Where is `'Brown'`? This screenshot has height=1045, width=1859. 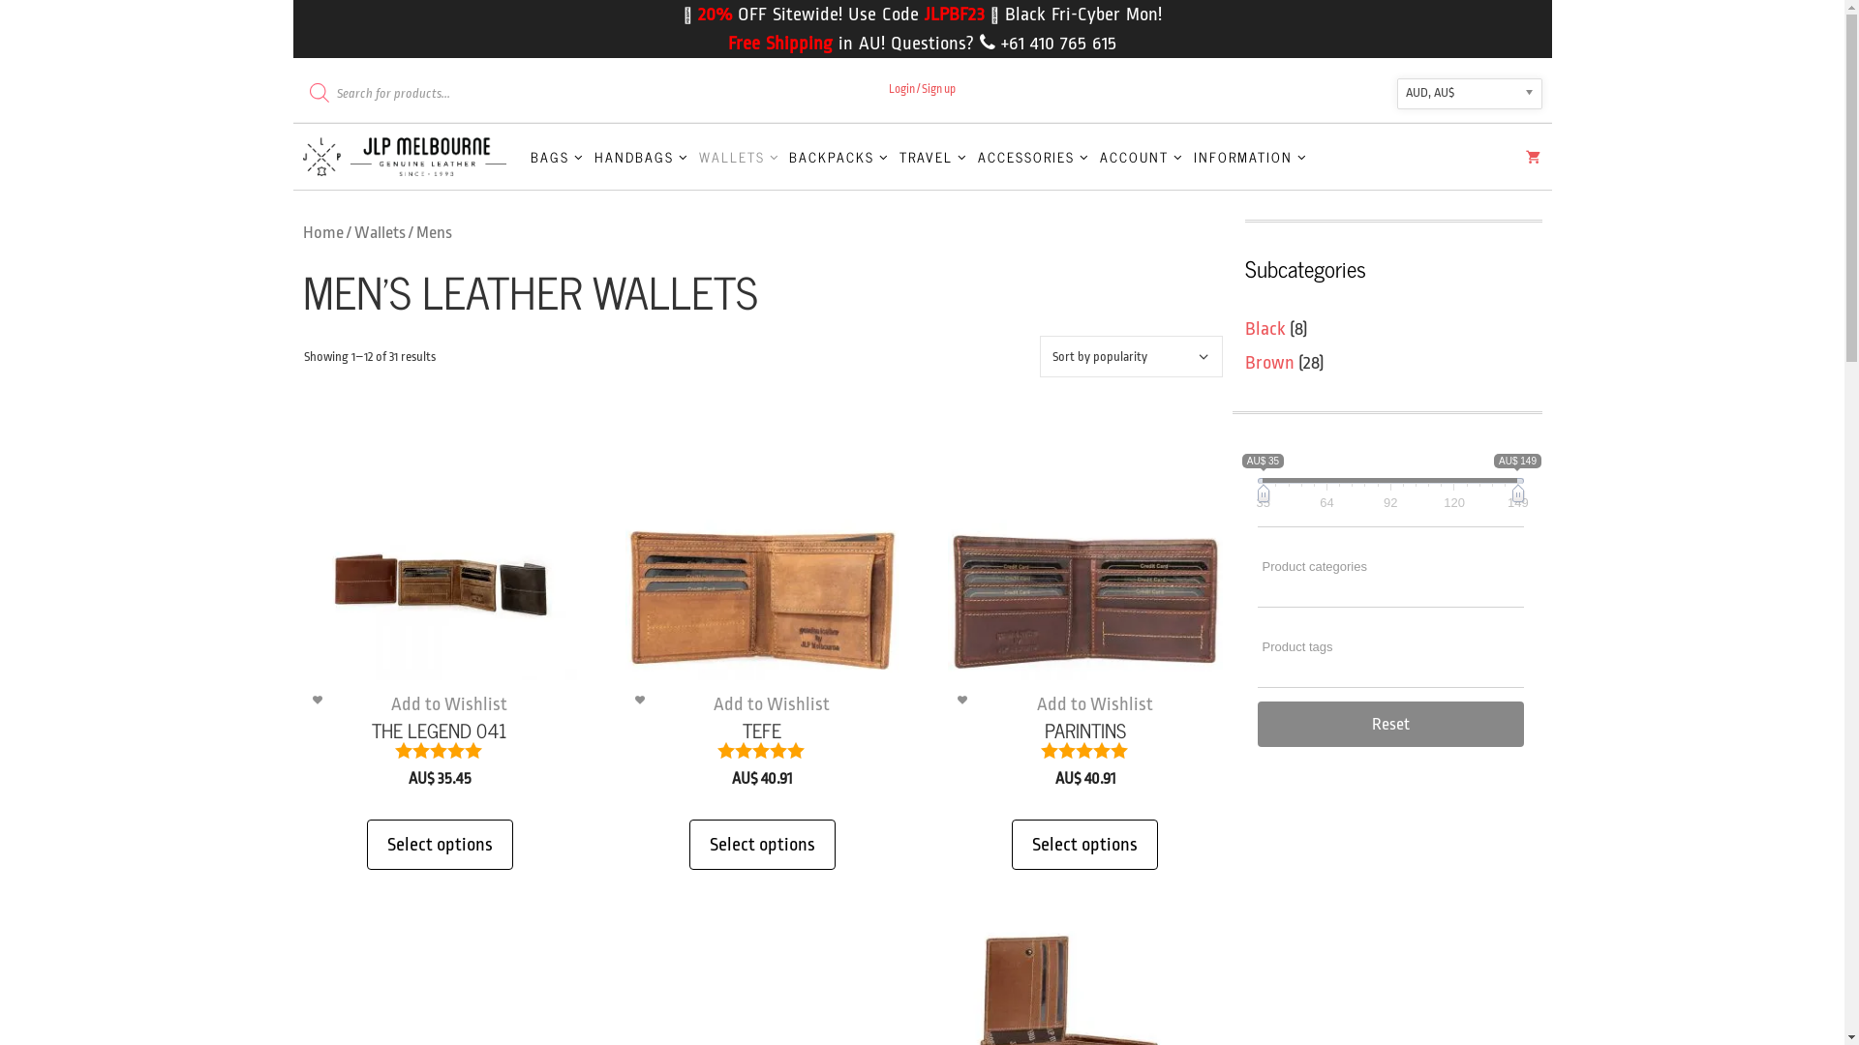 'Brown' is located at coordinates (1269, 362).